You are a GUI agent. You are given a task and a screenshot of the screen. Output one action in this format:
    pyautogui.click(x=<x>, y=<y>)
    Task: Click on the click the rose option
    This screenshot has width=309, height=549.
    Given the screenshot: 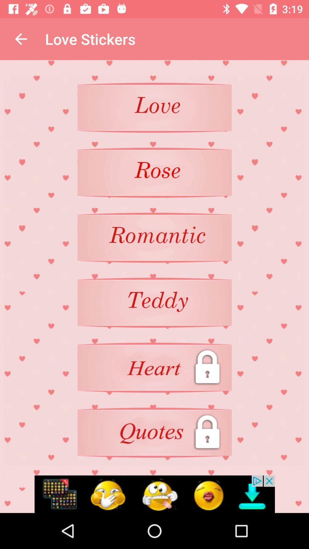 What is the action you would take?
    pyautogui.click(x=154, y=172)
    